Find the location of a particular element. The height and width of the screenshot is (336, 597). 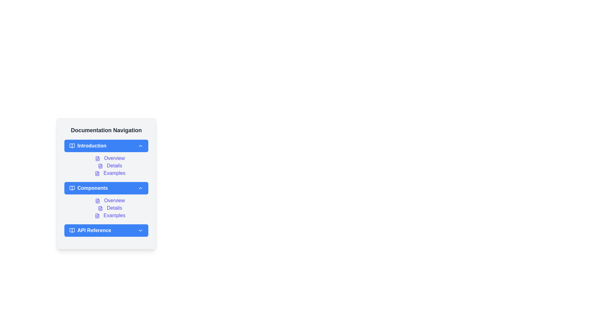

the Chevron indicator at the right end of the 'Introduction' section is located at coordinates (140, 146).